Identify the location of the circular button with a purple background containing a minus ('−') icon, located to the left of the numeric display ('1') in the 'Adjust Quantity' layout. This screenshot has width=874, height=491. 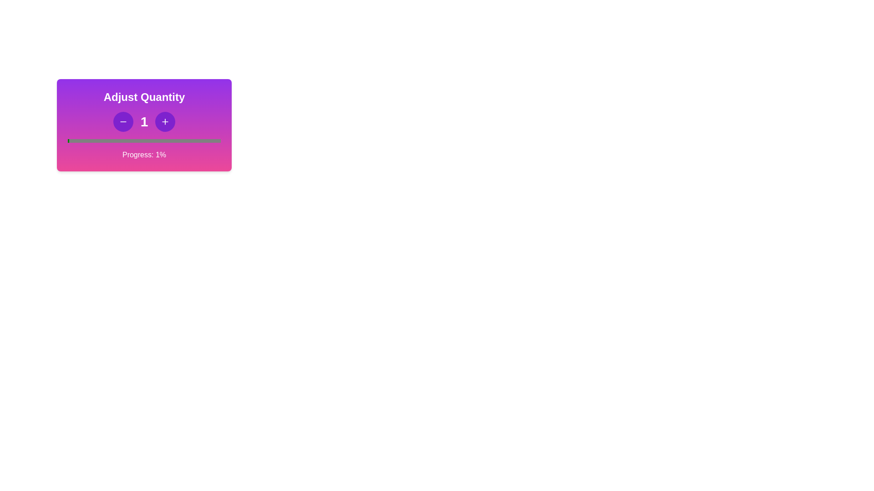
(122, 121).